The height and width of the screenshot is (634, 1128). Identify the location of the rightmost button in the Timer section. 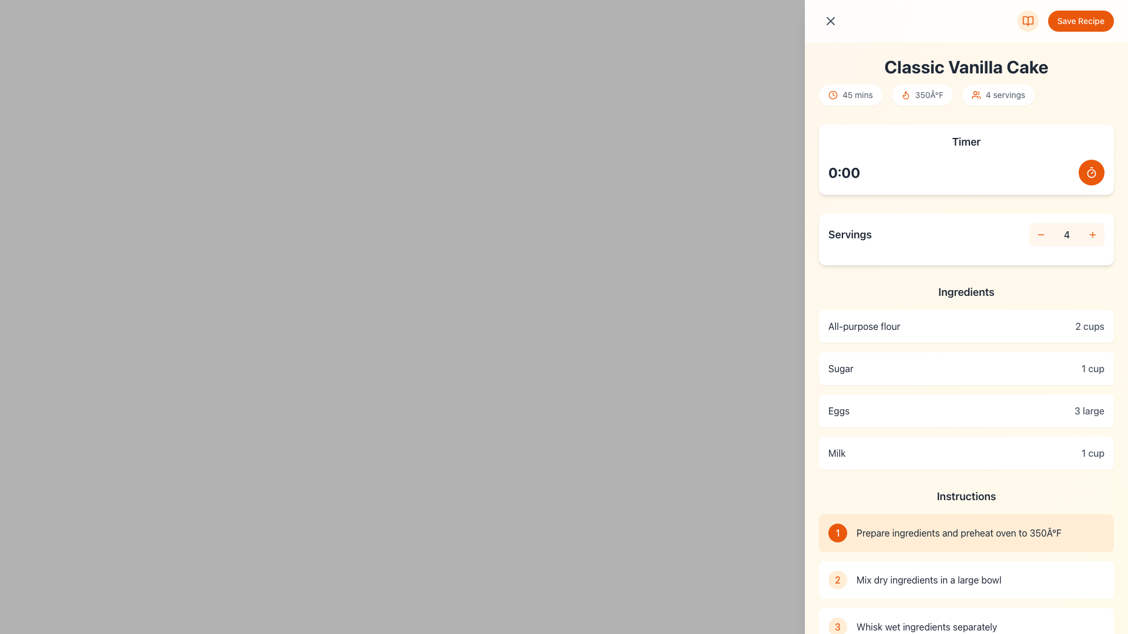
(1090, 172).